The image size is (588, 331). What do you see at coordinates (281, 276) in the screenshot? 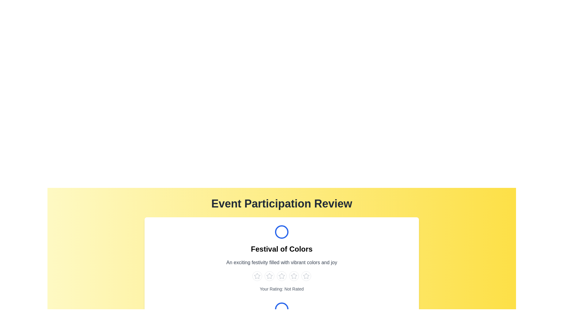
I see `the star corresponding to the rating 3 for the event` at bounding box center [281, 276].